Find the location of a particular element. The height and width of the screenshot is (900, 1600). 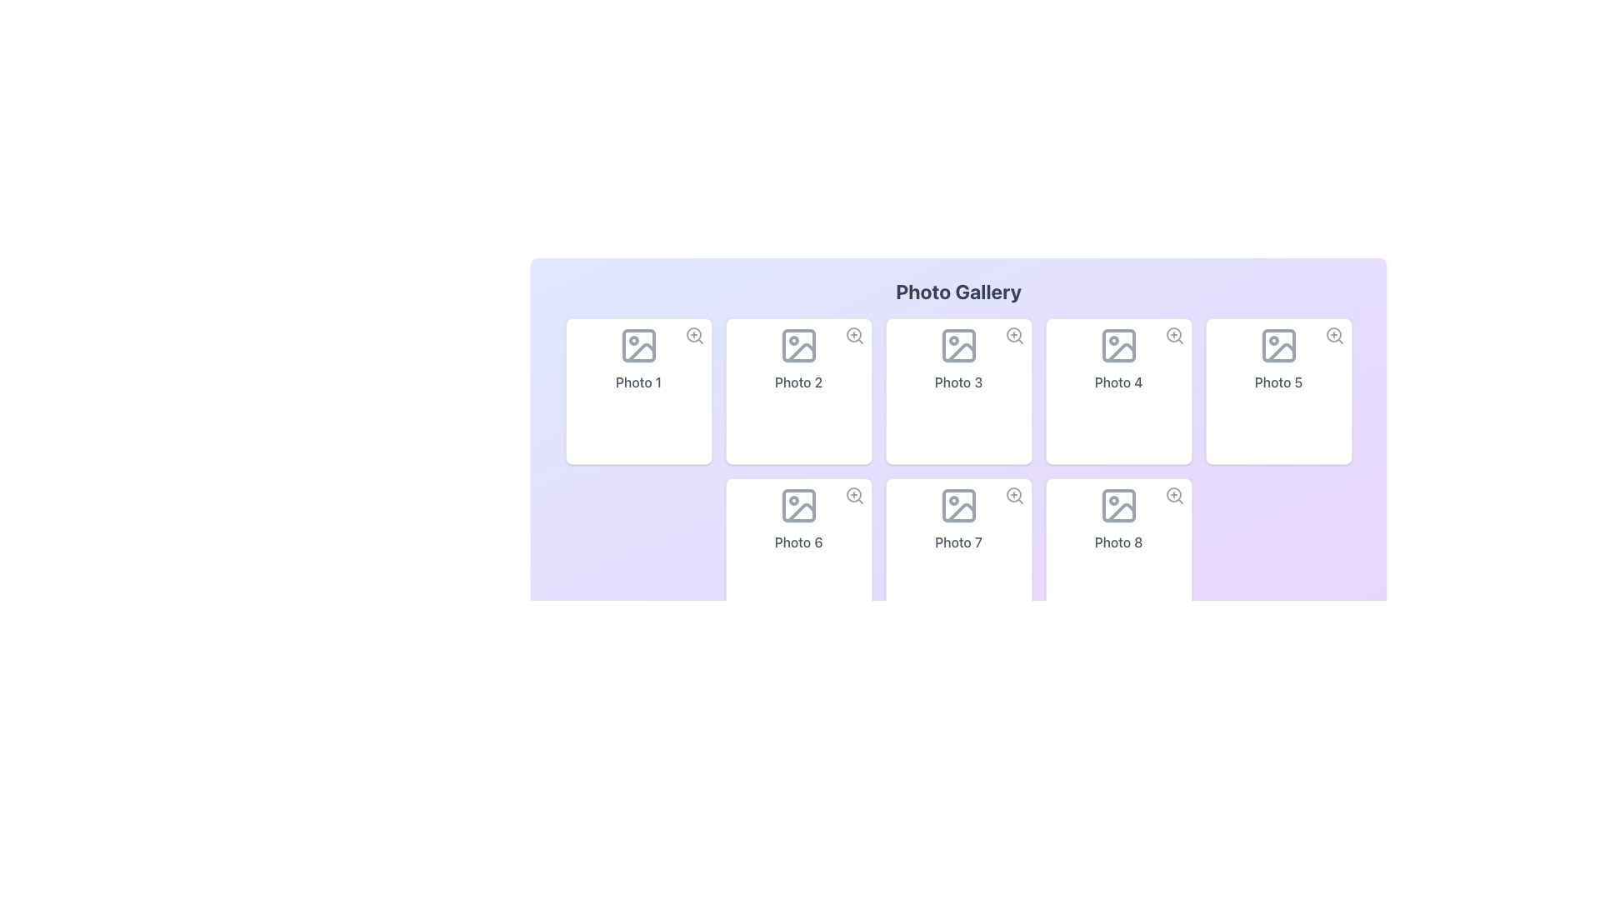

the text label titled 'Photo 8' located in the eighth tile of the grid under 'Photo Gallery', positioned directly below the icon for 'Photo 8' is located at coordinates (1118, 542).